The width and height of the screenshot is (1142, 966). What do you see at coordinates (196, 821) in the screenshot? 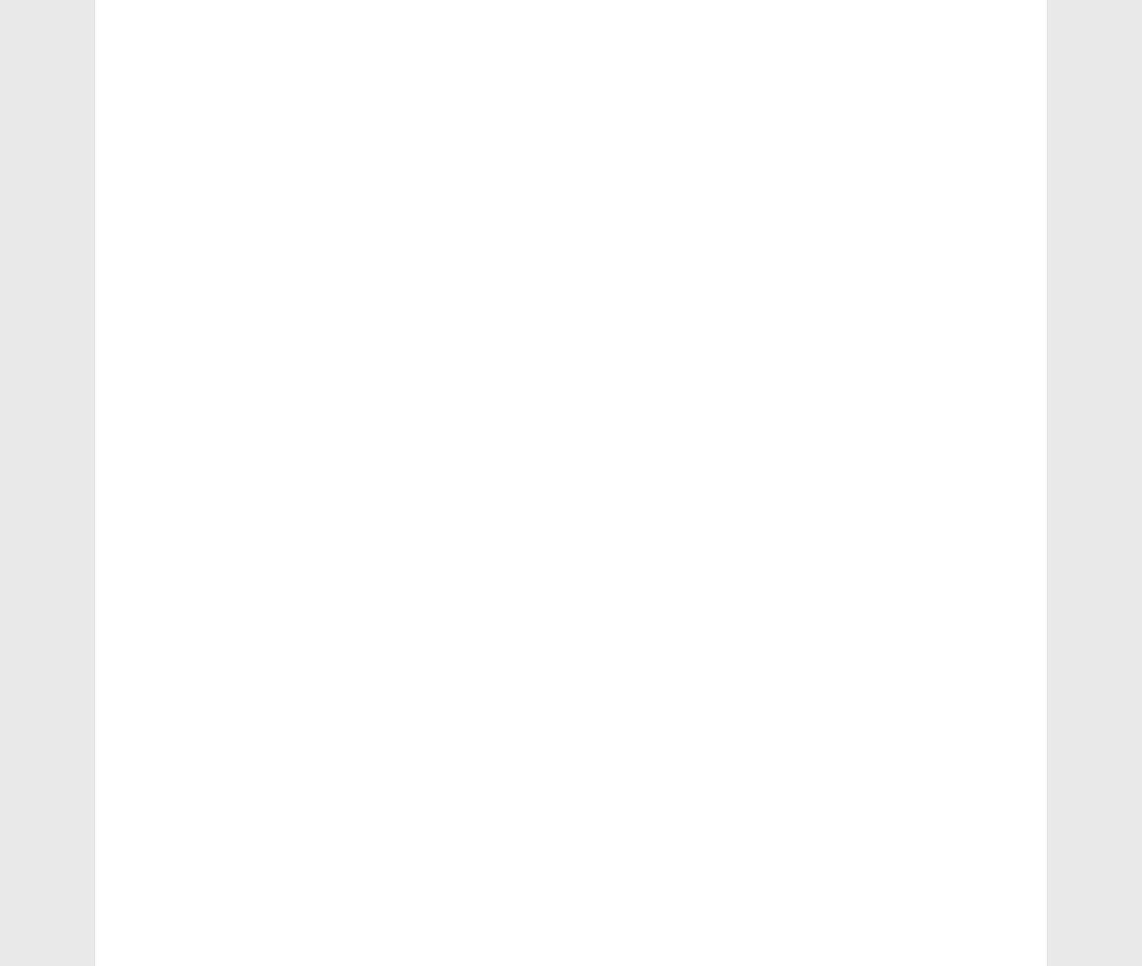
I see `'cooking education'` at bounding box center [196, 821].